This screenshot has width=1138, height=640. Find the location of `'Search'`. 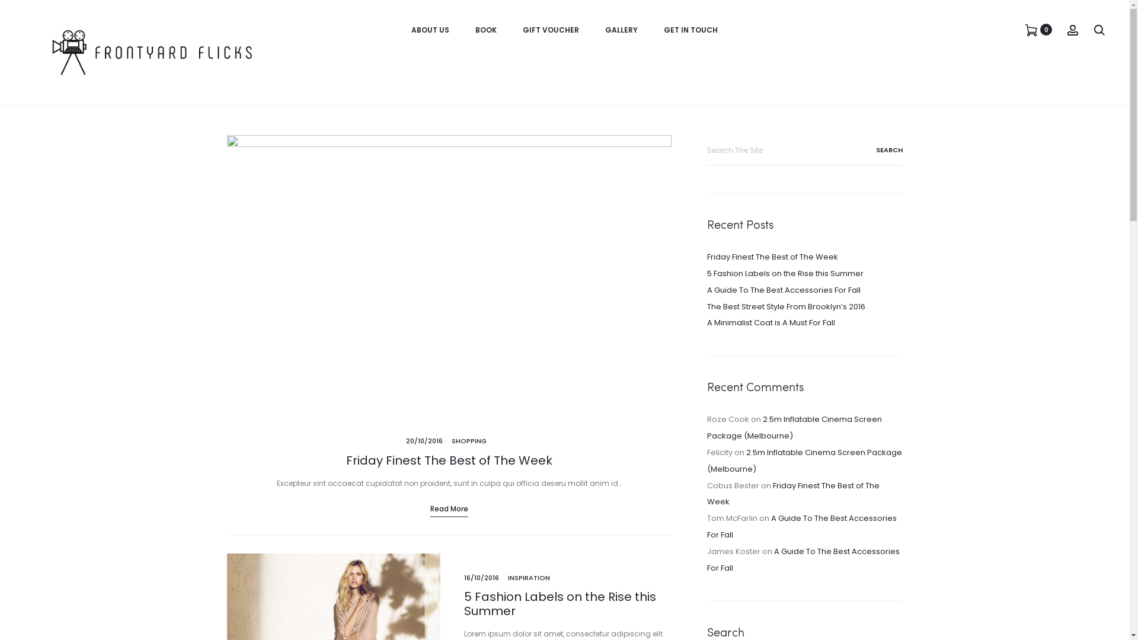

'Search' is located at coordinates (874, 149).